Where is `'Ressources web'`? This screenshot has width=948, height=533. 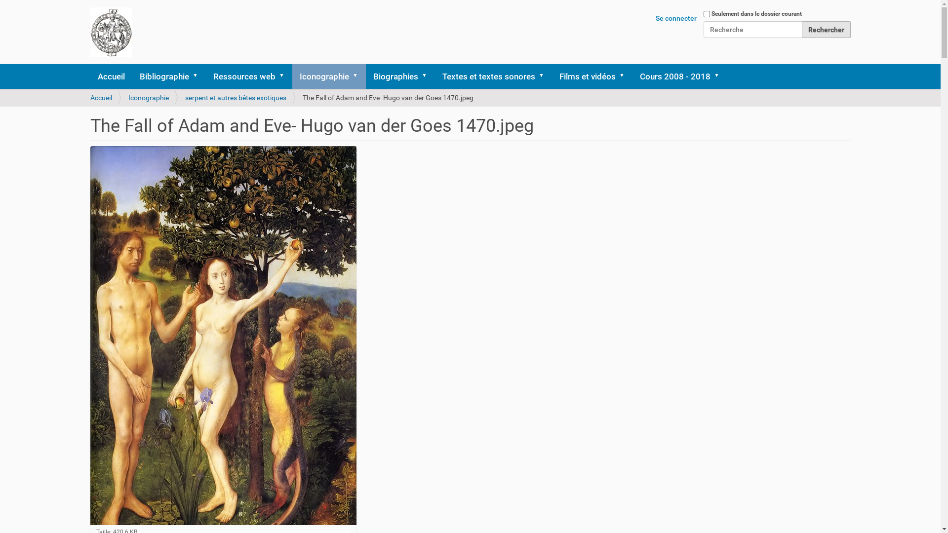 'Ressources web' is located at coordinates (248, 76).